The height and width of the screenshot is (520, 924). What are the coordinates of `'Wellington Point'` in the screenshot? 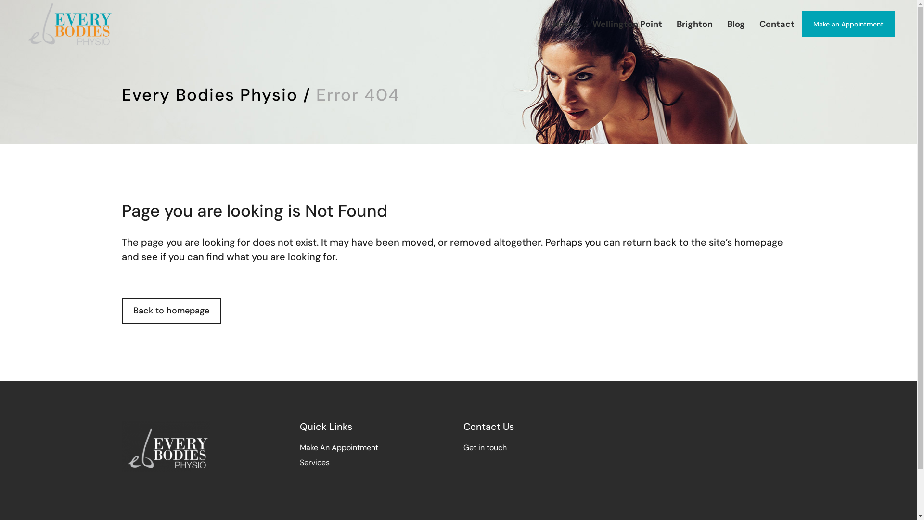 It's located at (627, 24).